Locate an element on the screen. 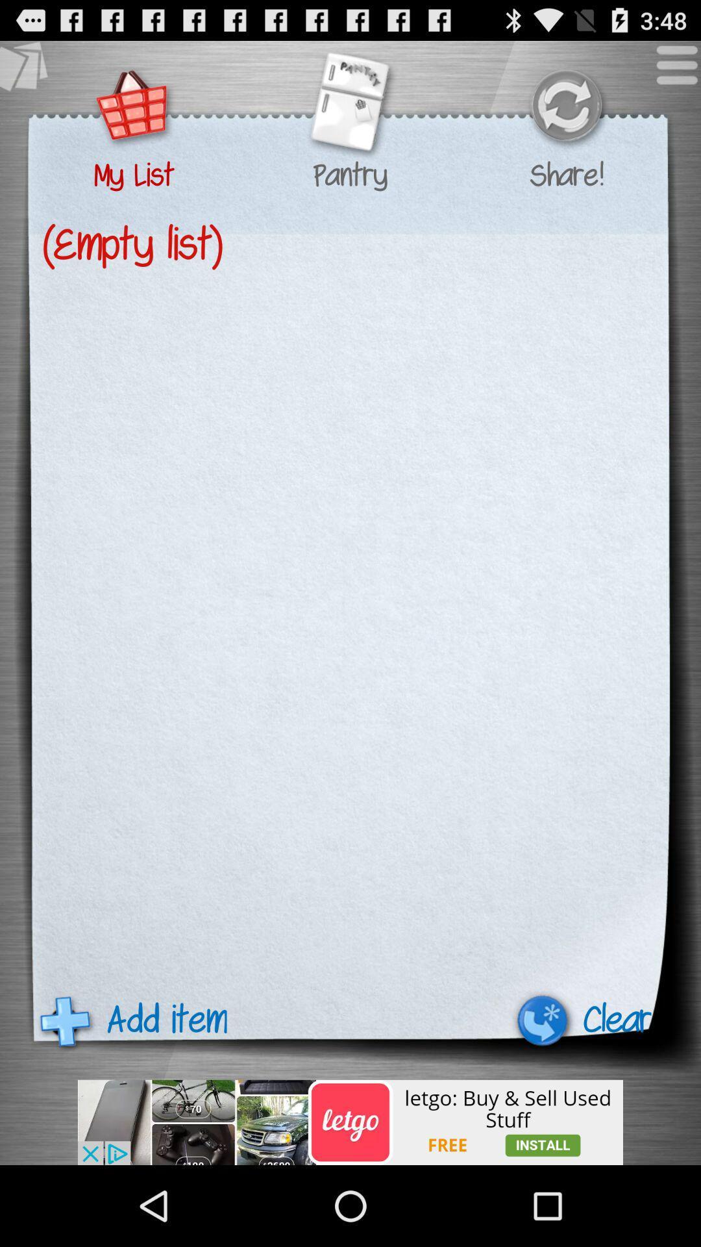  the cart icon is located at coordinates (134, 115).